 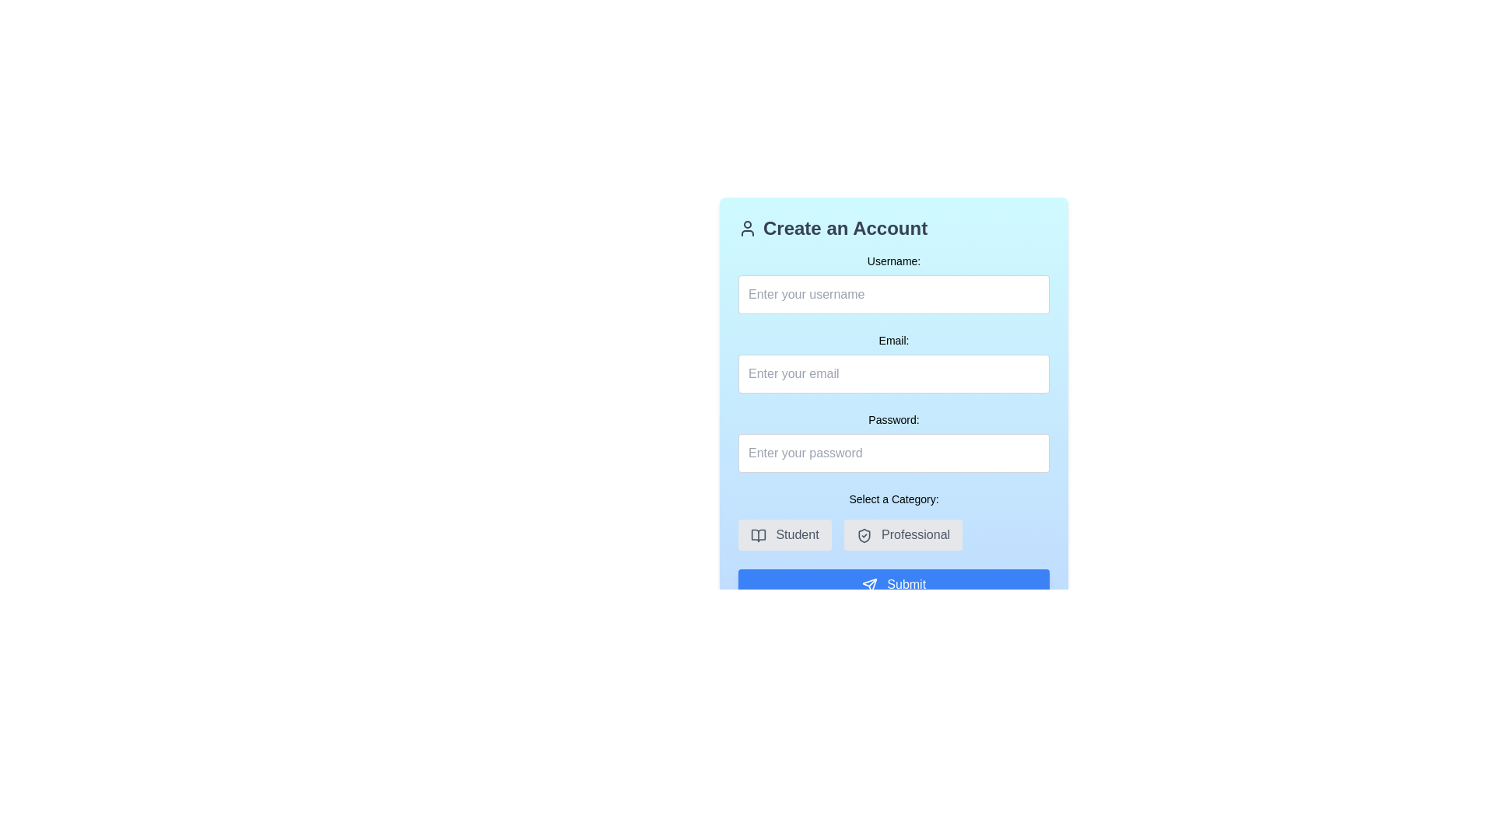 What do you see at coordinates (893, 453) in the screenshot?
I see `the password input field with the placeholder 'Enter your password' to focus on it` at bounding box center [893, 453].